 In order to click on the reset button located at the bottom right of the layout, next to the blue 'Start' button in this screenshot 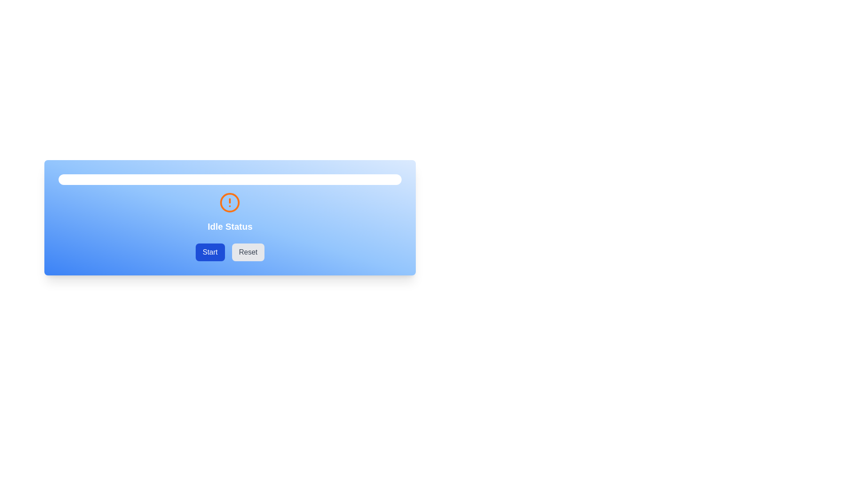, I will do `click(248, 252)`.